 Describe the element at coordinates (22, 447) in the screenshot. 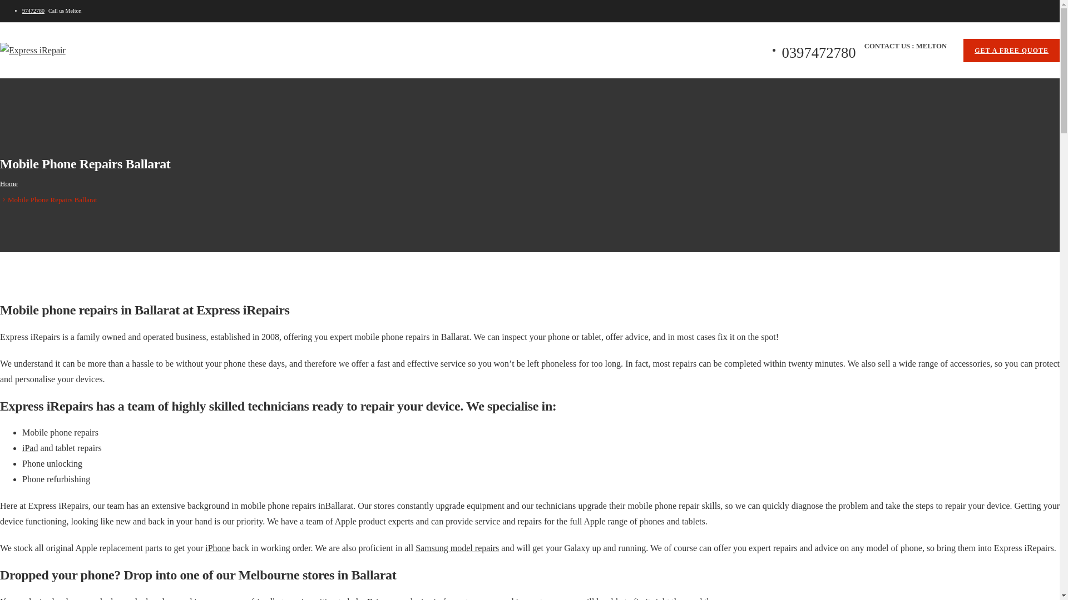

I see `'iPad'` at that location.